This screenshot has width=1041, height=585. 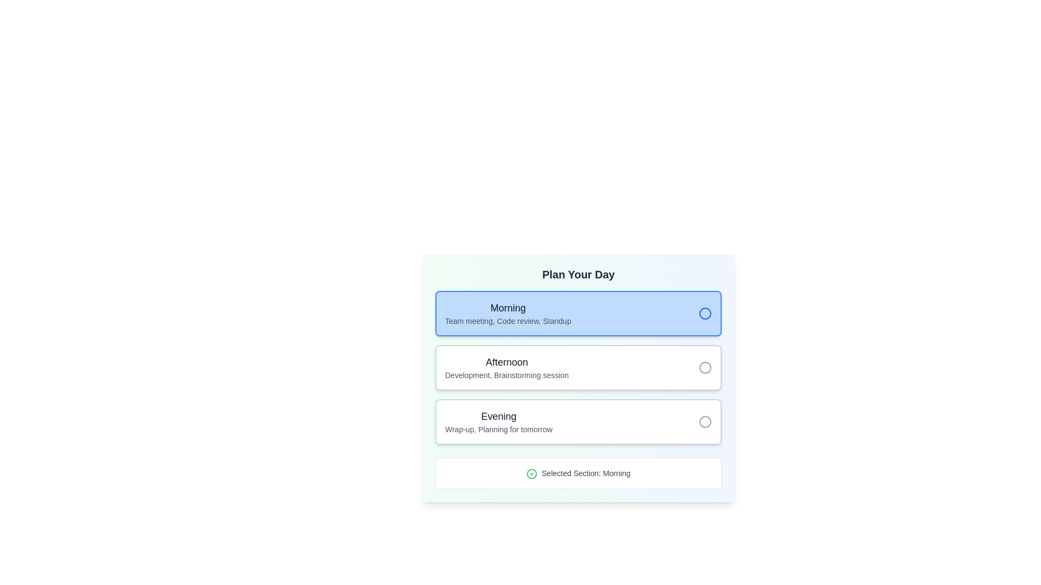 I want to click on the green checkmark icon that indicates the 'Selected Section: Morning', as it may have additional functionality or feedback associated with it, so click(x=532, y=473).